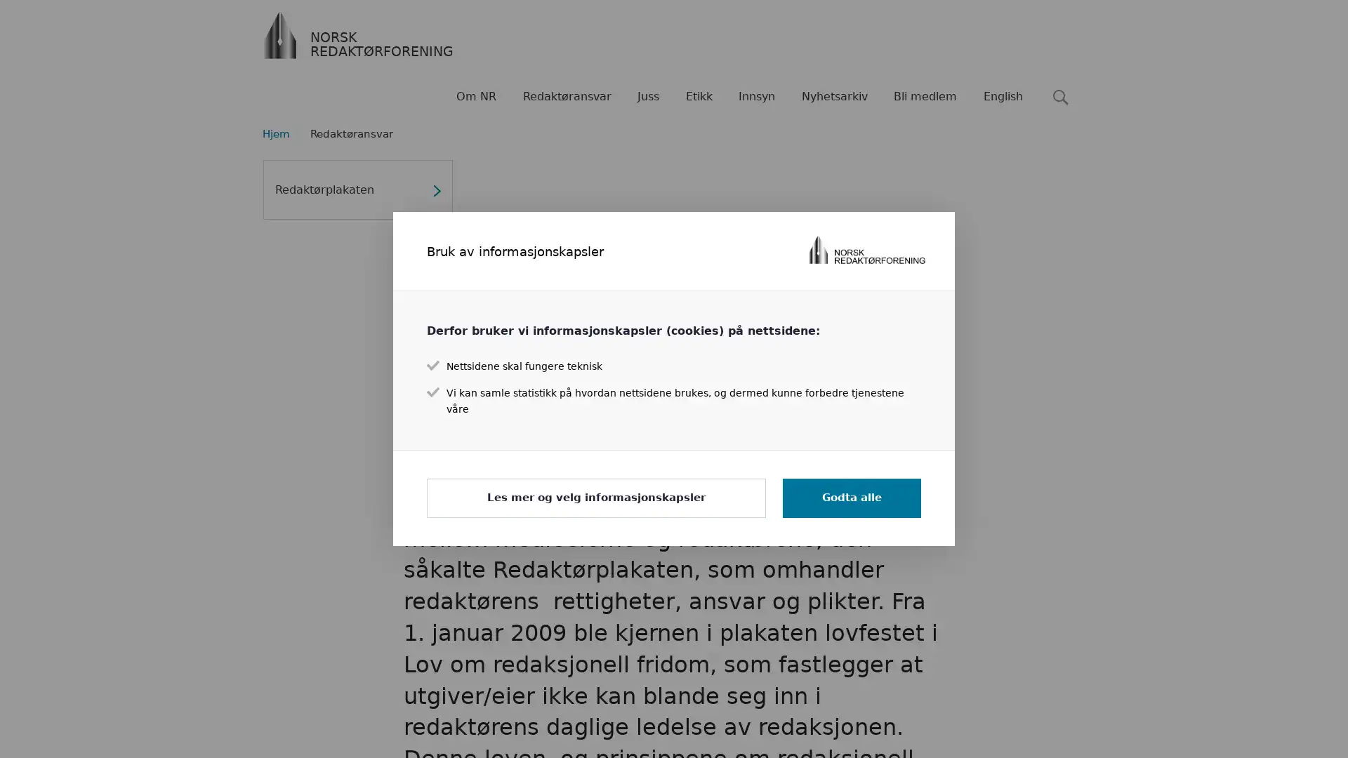 Image resolution: width=1348 pixels, height=758 pixels. What do you see at coordinates (851, 497) in the screenshot?
I see `Godta alle` at bounding box center [851, 497].